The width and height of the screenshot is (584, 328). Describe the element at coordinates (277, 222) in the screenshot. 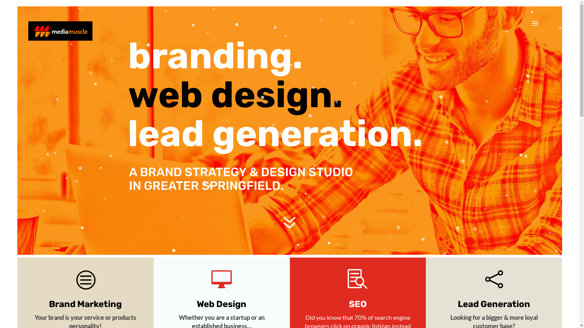

I see `'7'` at that location.